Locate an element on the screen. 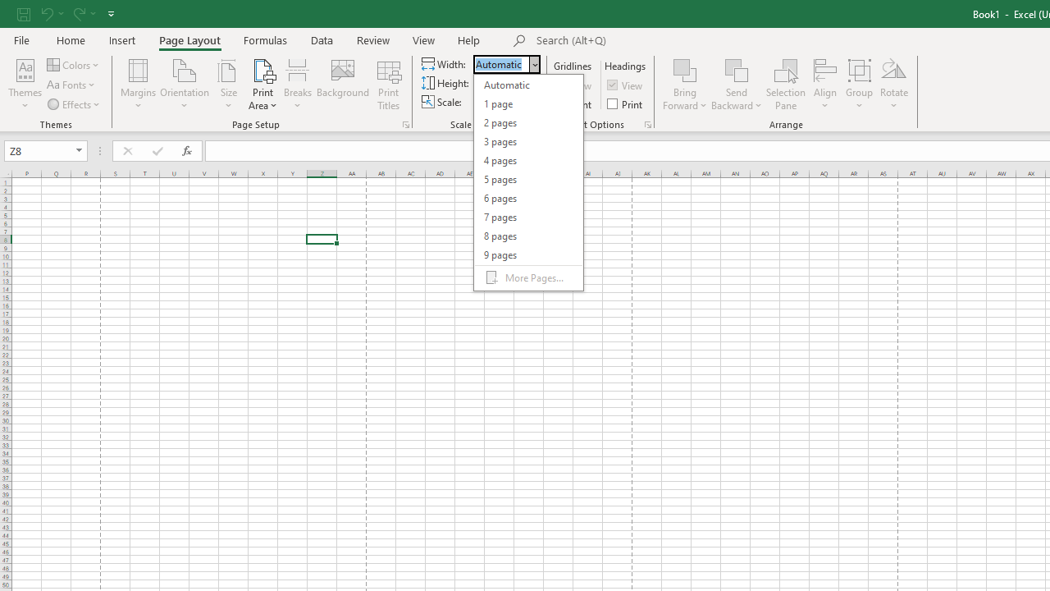 This screenshot has width=1050, height=591. 'Size' is located at coordinates (228, 85).